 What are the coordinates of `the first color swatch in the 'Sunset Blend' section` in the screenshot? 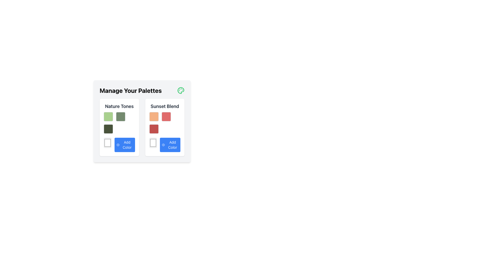 It's located at (153, 117).